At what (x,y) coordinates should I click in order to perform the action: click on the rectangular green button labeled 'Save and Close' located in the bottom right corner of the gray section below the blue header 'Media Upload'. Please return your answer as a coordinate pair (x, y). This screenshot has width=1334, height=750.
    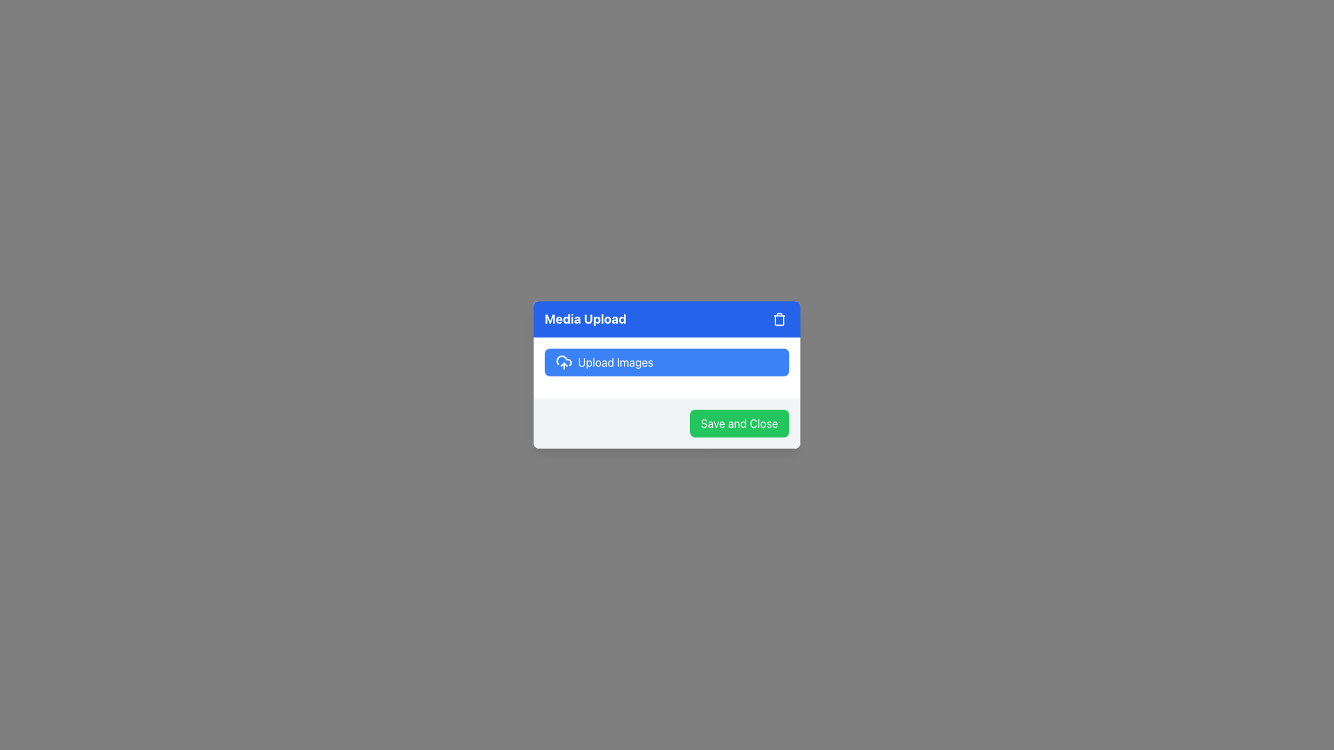
    Looking at the image, I should click on (739, 422).